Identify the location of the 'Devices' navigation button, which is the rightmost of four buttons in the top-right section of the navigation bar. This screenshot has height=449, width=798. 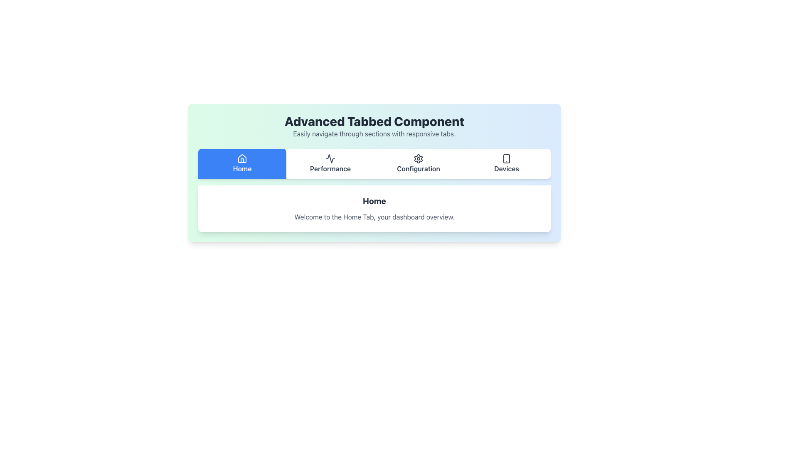
(506, 163).